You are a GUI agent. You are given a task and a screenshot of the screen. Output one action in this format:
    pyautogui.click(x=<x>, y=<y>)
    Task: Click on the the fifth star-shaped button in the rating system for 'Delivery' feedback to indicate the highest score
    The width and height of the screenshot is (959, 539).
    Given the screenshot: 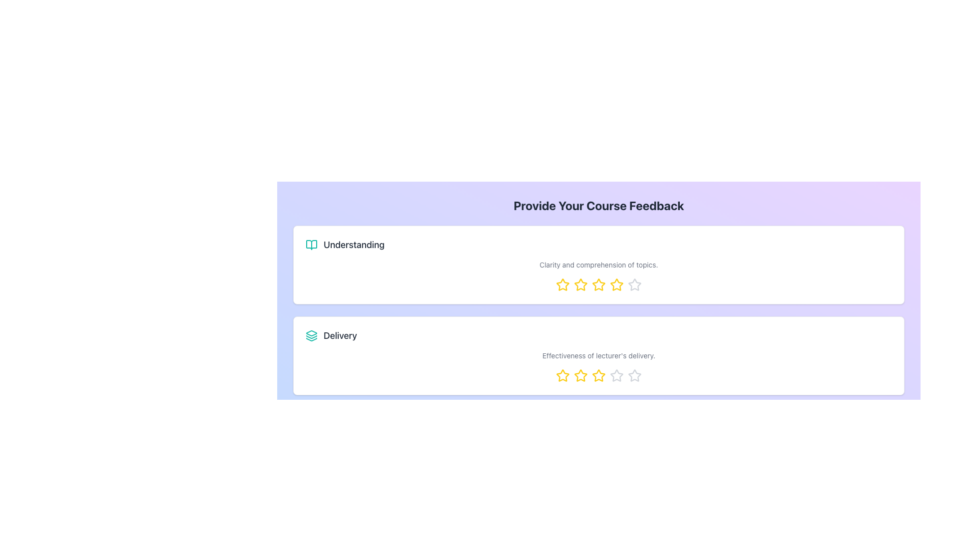 What is the action you would take?
    pyautogui.click(x=634, y=375)
    